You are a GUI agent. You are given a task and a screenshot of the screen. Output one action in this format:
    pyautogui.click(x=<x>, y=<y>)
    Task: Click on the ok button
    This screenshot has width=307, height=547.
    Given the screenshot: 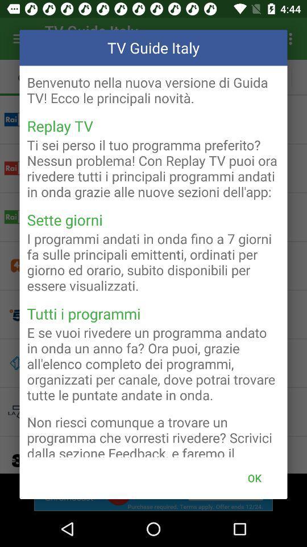 What is the action you would take?
    pyautogui.click(x=254, y=478)
    